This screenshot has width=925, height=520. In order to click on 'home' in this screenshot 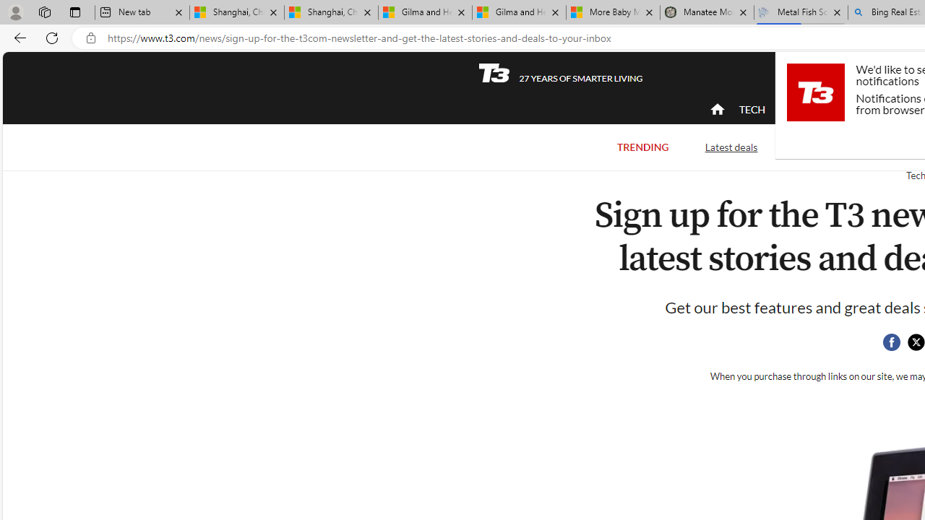, I will do `click(717, 110)`.